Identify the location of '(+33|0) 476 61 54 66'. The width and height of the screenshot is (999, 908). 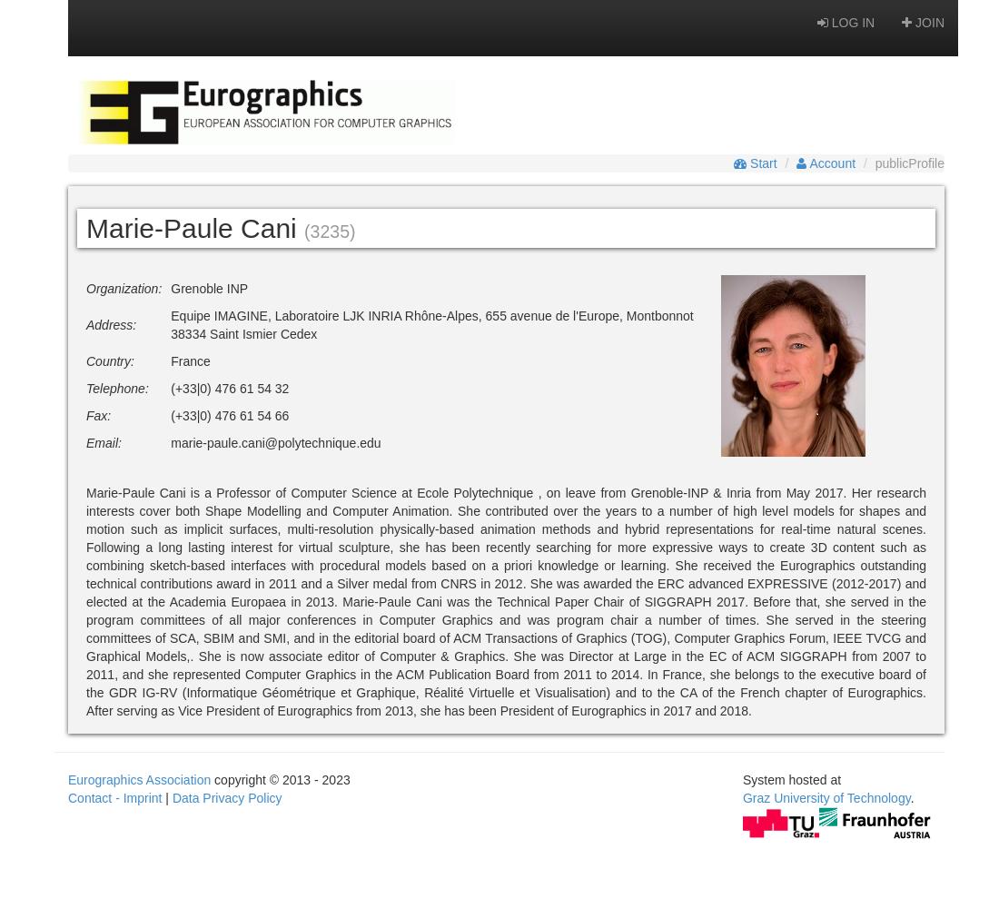
(230, 415).